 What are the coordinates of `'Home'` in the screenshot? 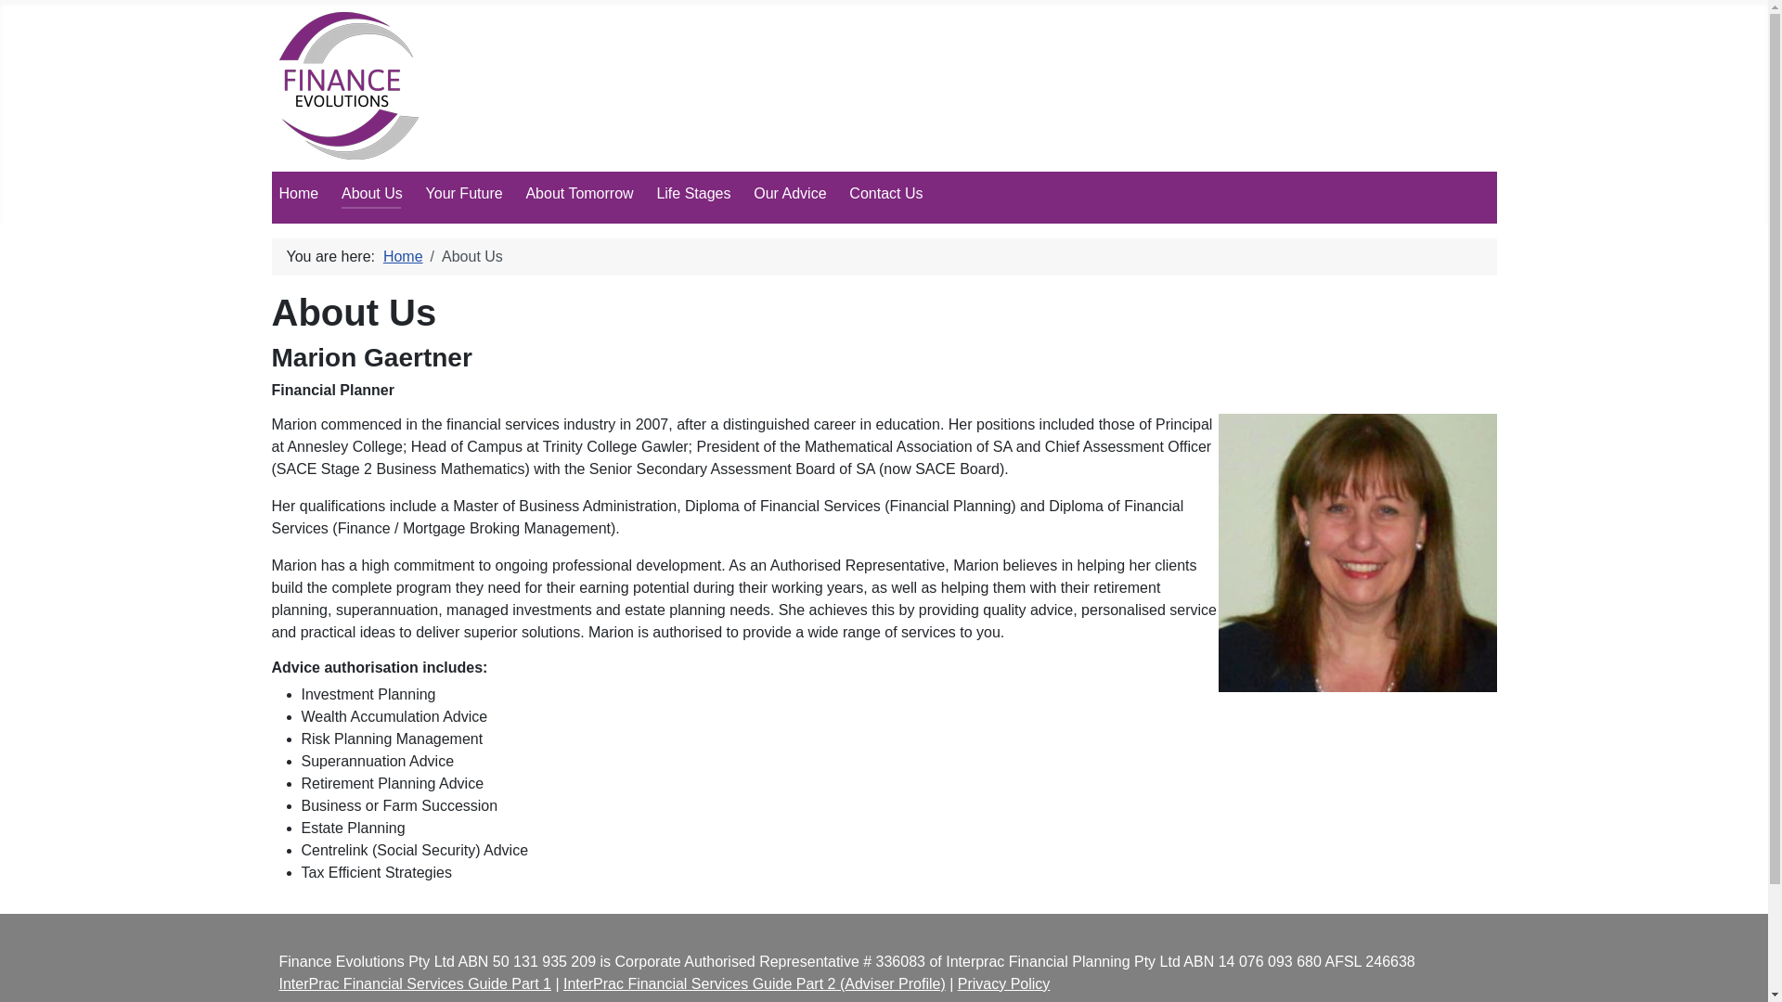 It's located at (298, 193).